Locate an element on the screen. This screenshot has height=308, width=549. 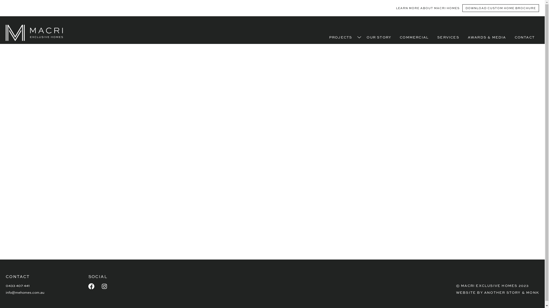
'SERVICES' is located at coordinates (448, 37).